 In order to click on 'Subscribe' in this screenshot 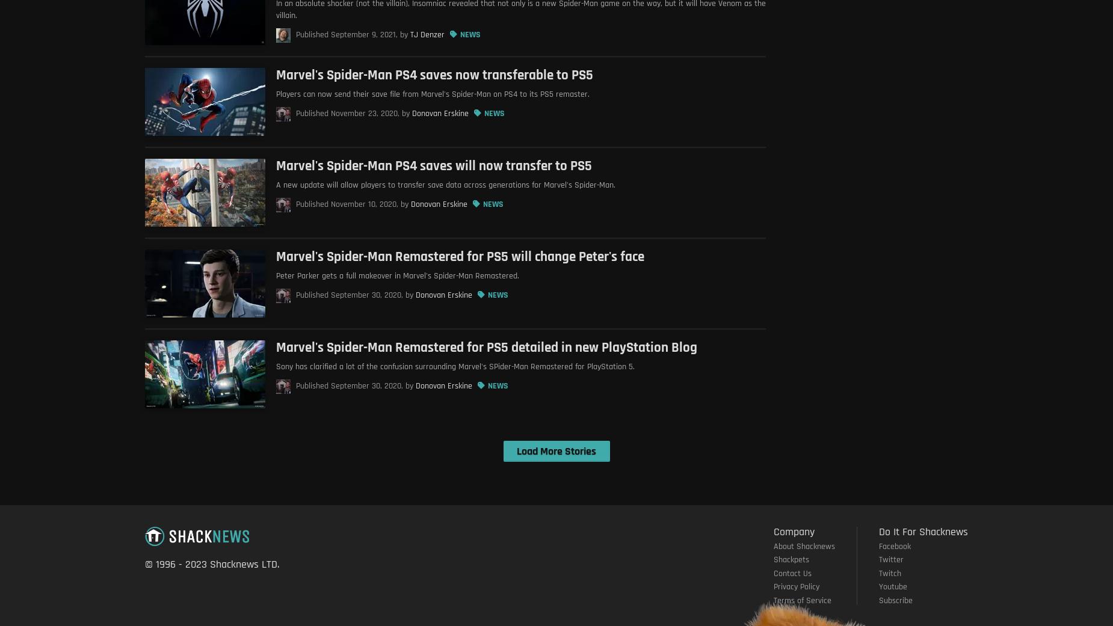, I will do `click(896, 600)`.